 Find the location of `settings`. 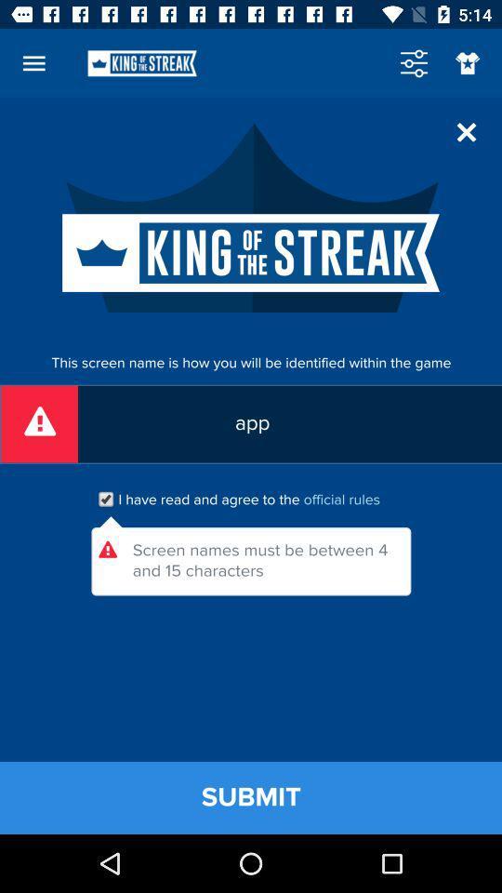

settings is located at coordinates (414, 63).